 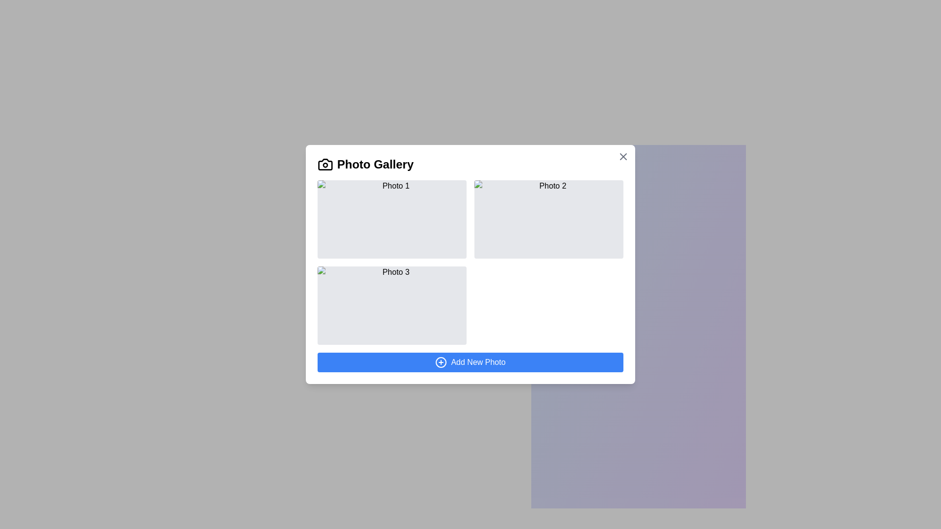 What do you see at coordinates (441, 362) in the screenshot?
I see `the plus sign icon within the blue 'Add New Photo' button located at the bottom center of the photo gallery interface` at bounding box center [441, 362].